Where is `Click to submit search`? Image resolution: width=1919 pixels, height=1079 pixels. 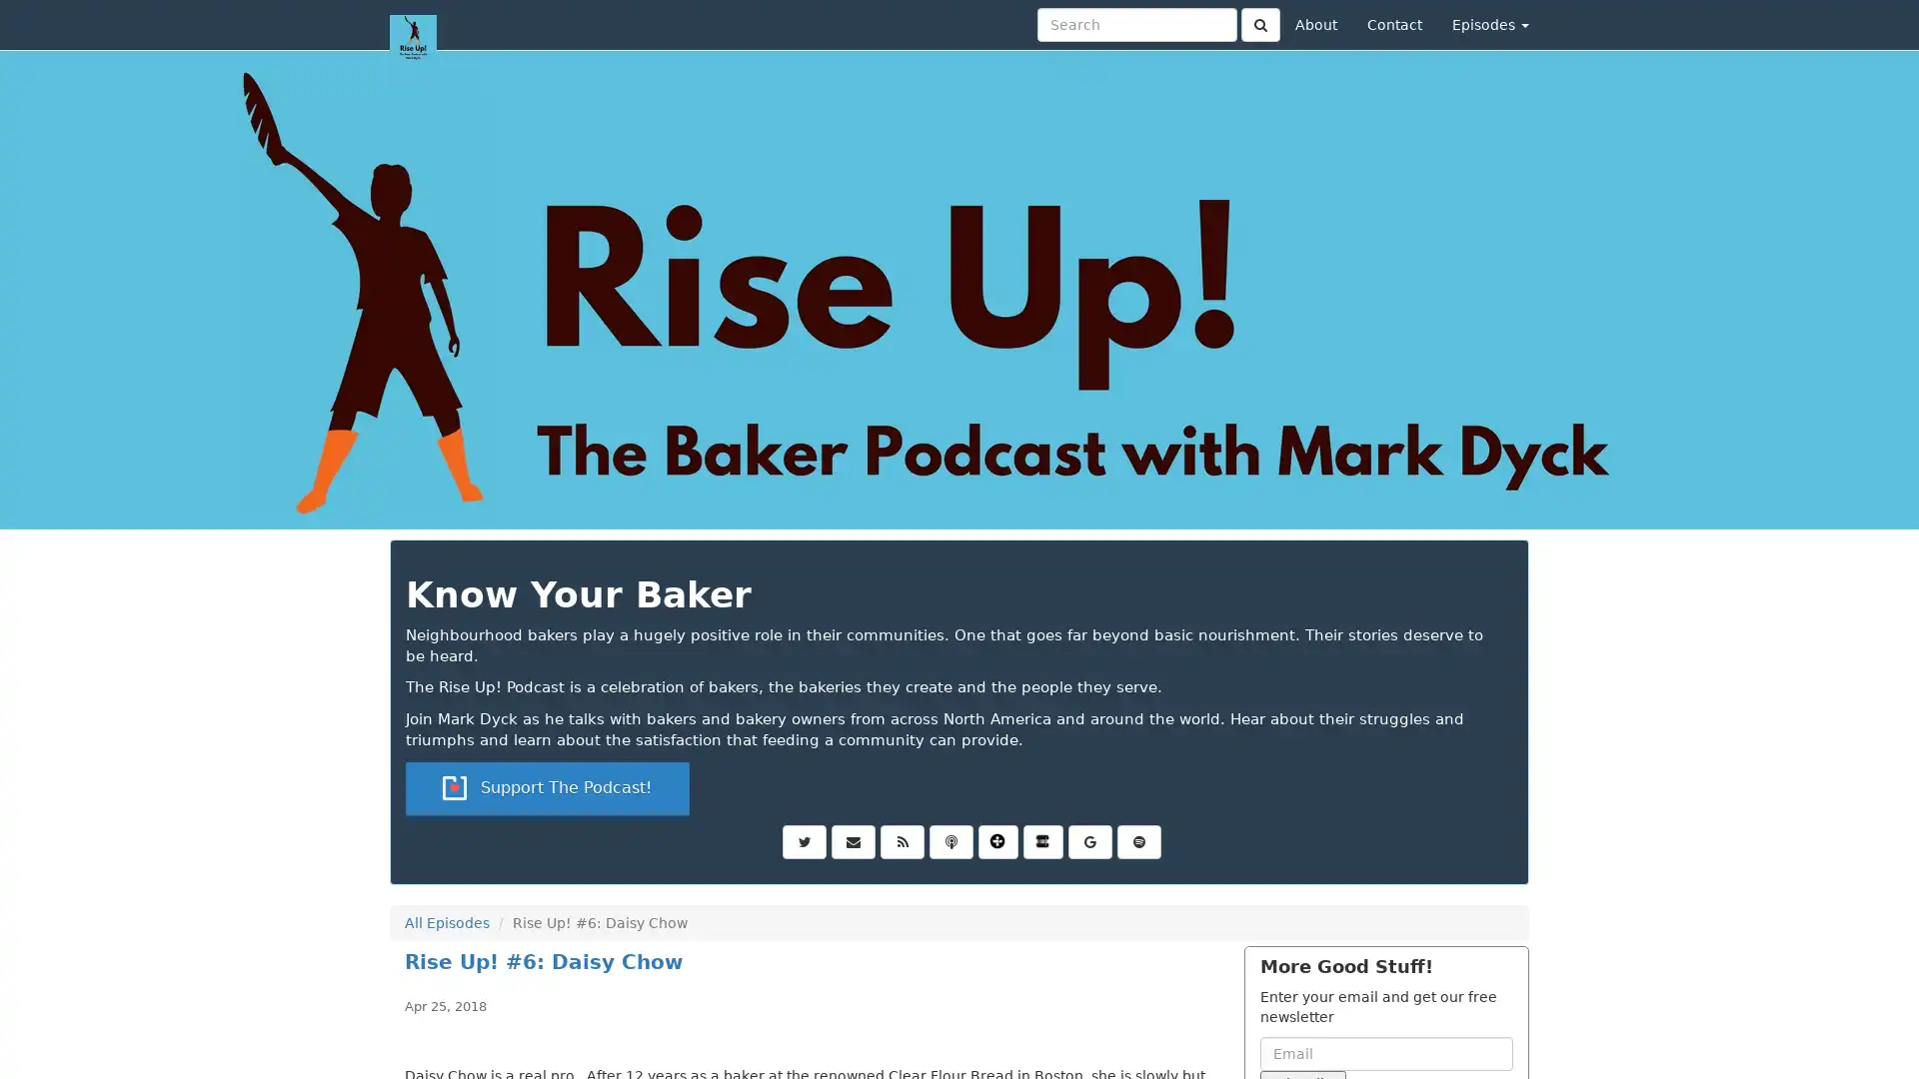 Click to submit search is located at coordinates (1259, 24).